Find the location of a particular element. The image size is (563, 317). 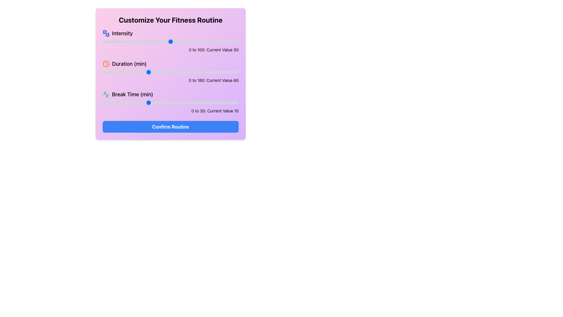

the intensity is located at coordinates (111, 41).